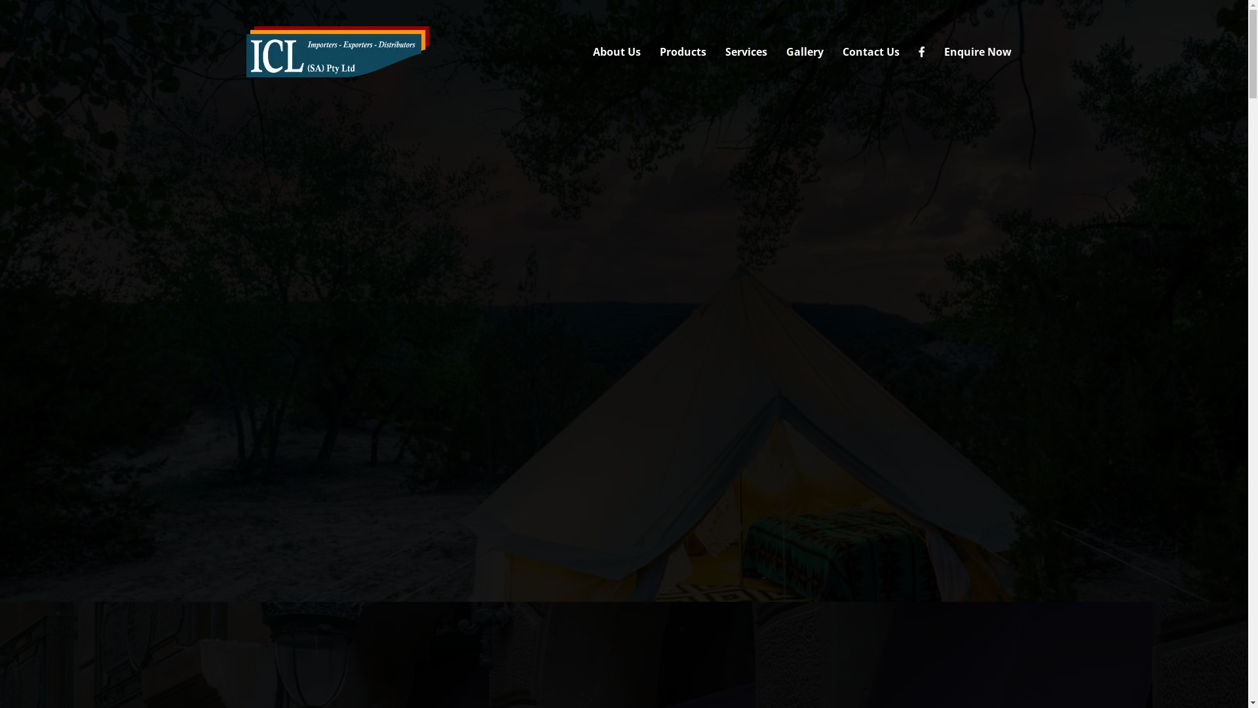 This screenshot has width=1258, height=708. Describe the element at coordinates (681, 50) in the screenshot. I see `'Products'` at that location.